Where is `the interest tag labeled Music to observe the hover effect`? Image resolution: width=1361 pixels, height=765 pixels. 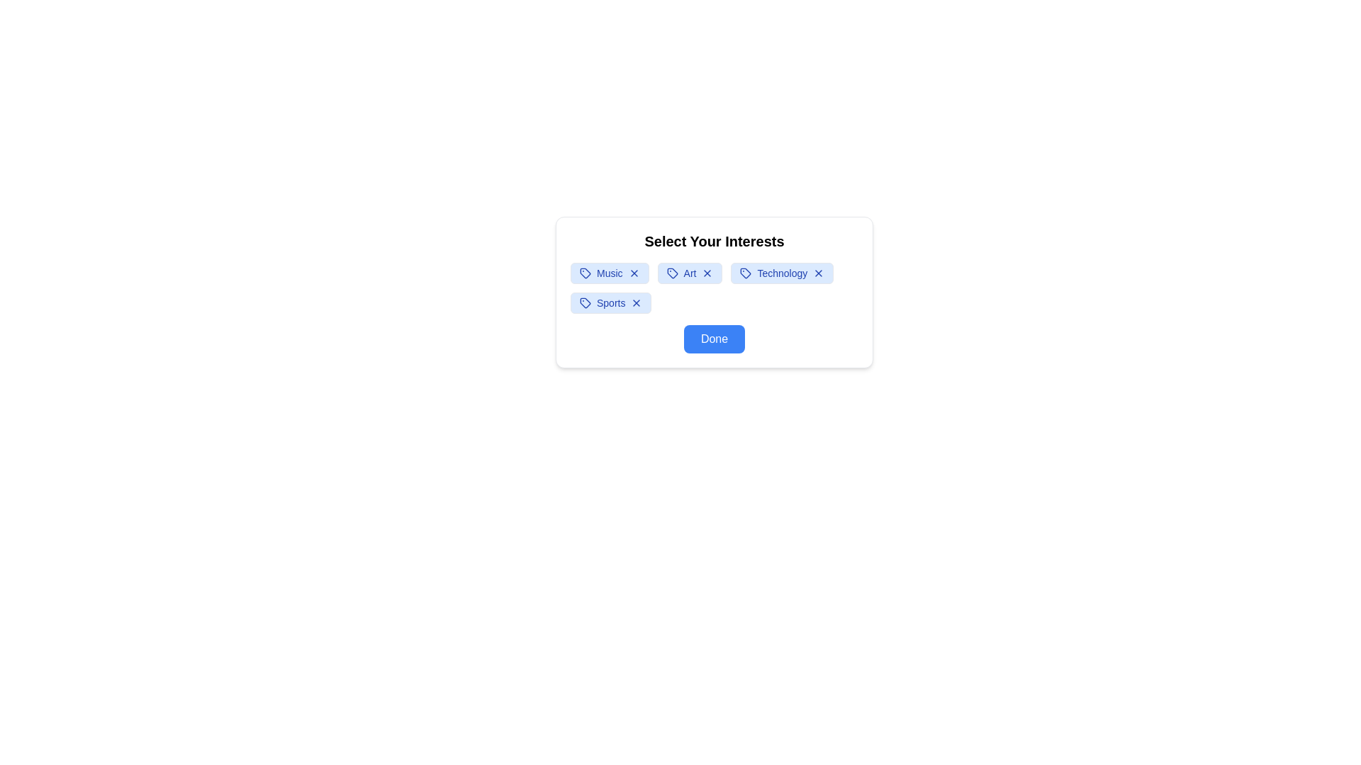
the interest tag labeled Music to observe the hover effect is located at coordinates (609, 273).